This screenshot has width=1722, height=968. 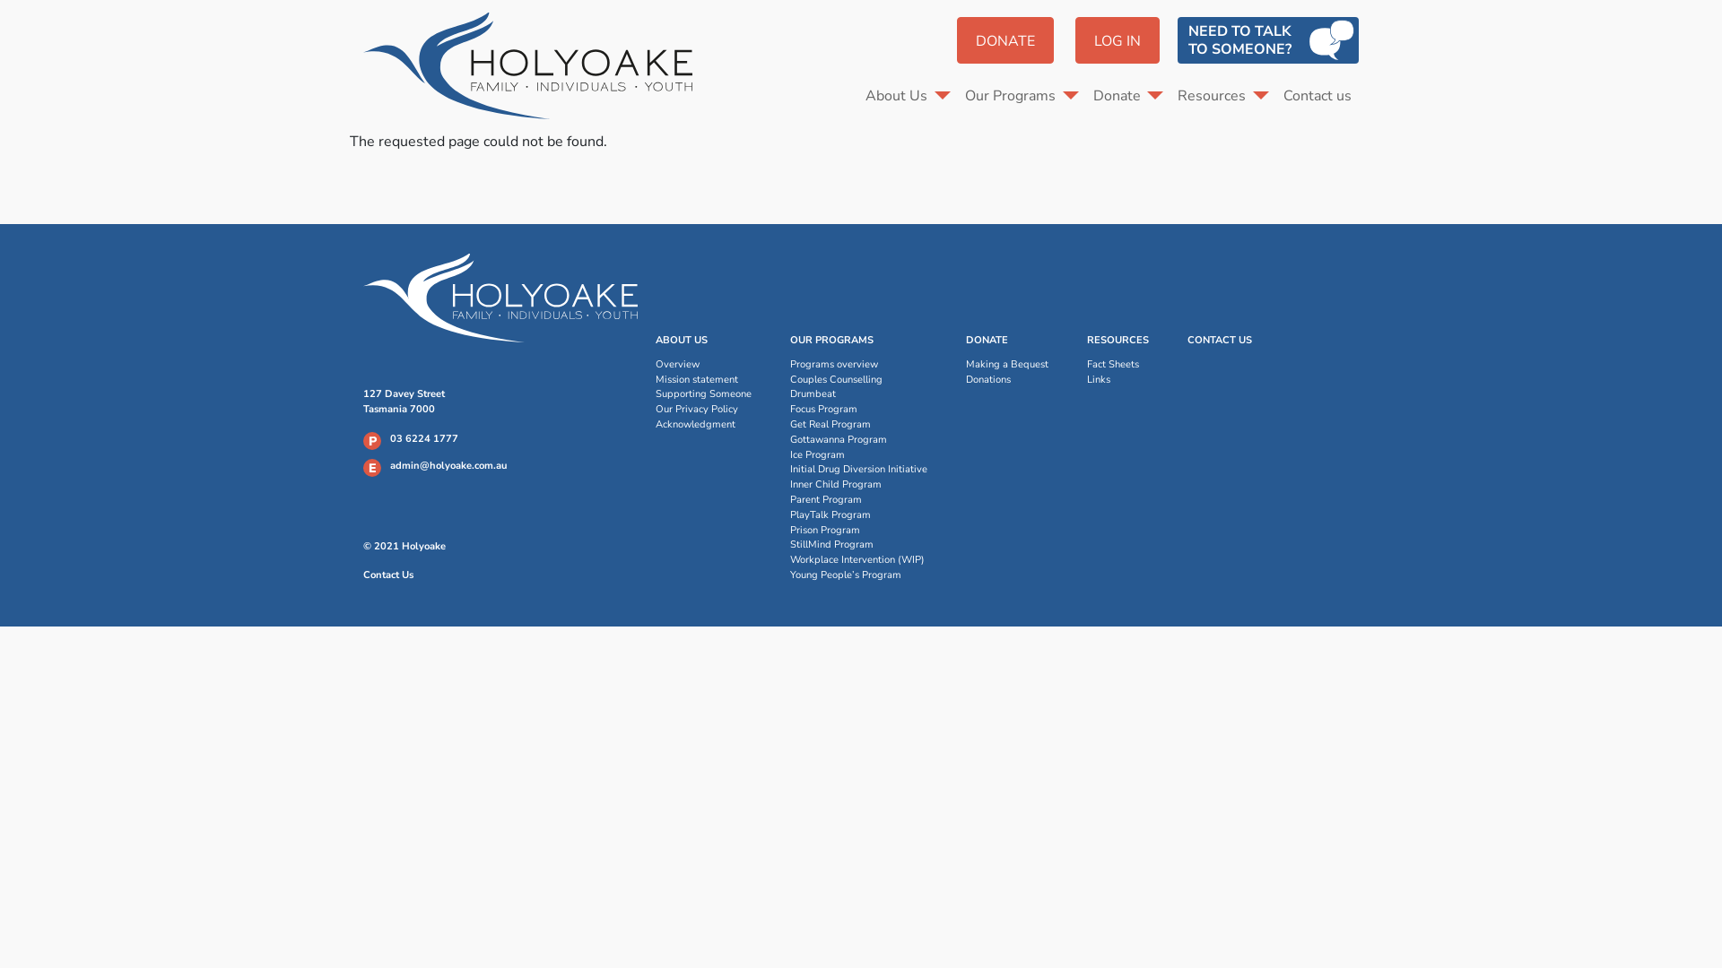 What do you see at coordinates (789, 544) in the screenshot?
I see `'StillMind Program'` at bounding box center [789, 544].